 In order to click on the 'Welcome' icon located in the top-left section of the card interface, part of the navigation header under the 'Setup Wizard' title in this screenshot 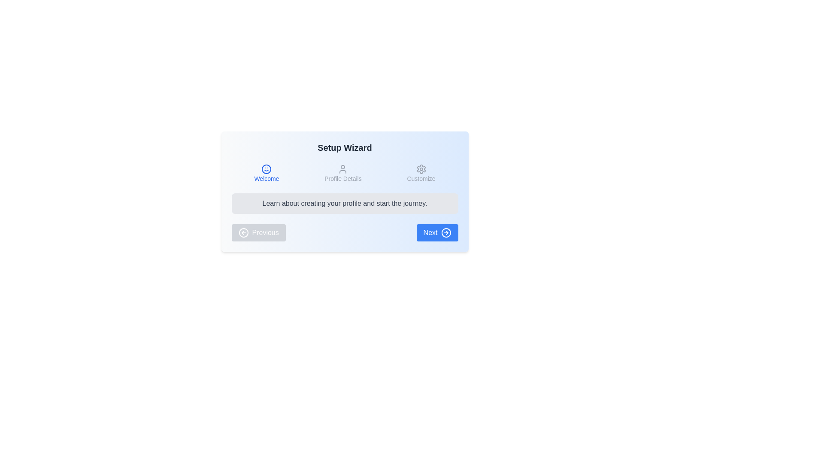, I will do `click(266, 169)`.